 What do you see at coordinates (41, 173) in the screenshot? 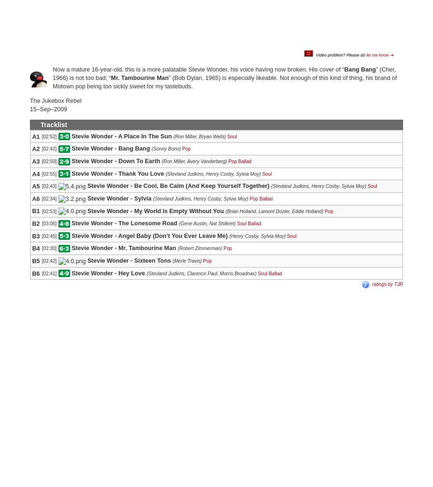
I see `'[02:55]'` at bounding box center [41, 173].